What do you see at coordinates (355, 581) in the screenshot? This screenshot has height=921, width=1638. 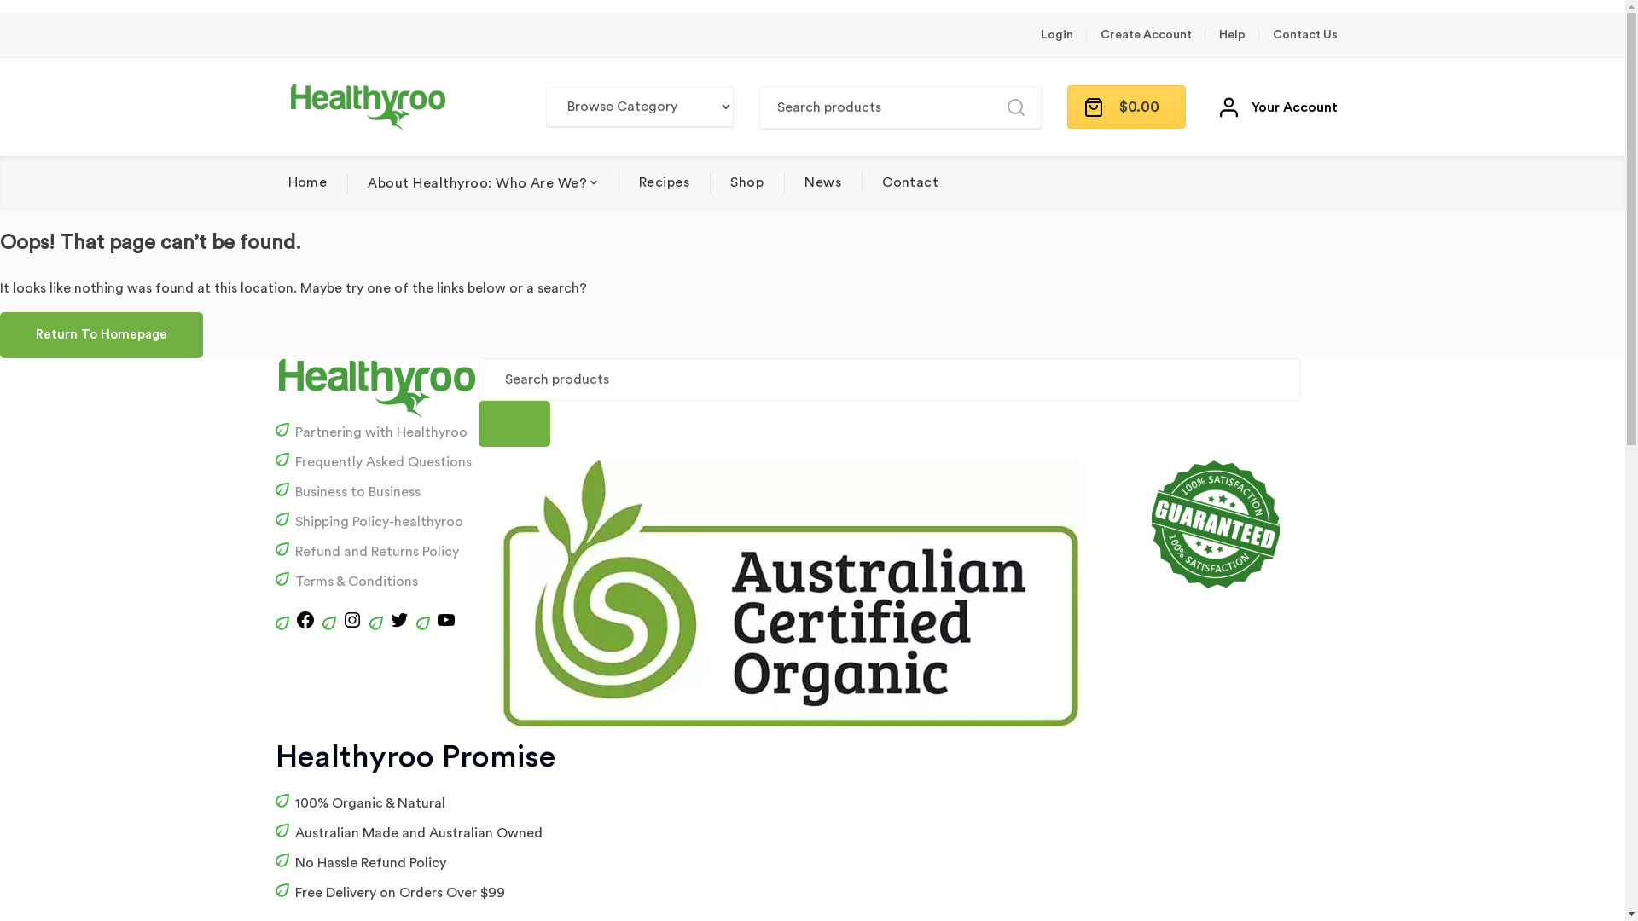 I see `'Terms & Conditions'` at bounding box center [355, 581].